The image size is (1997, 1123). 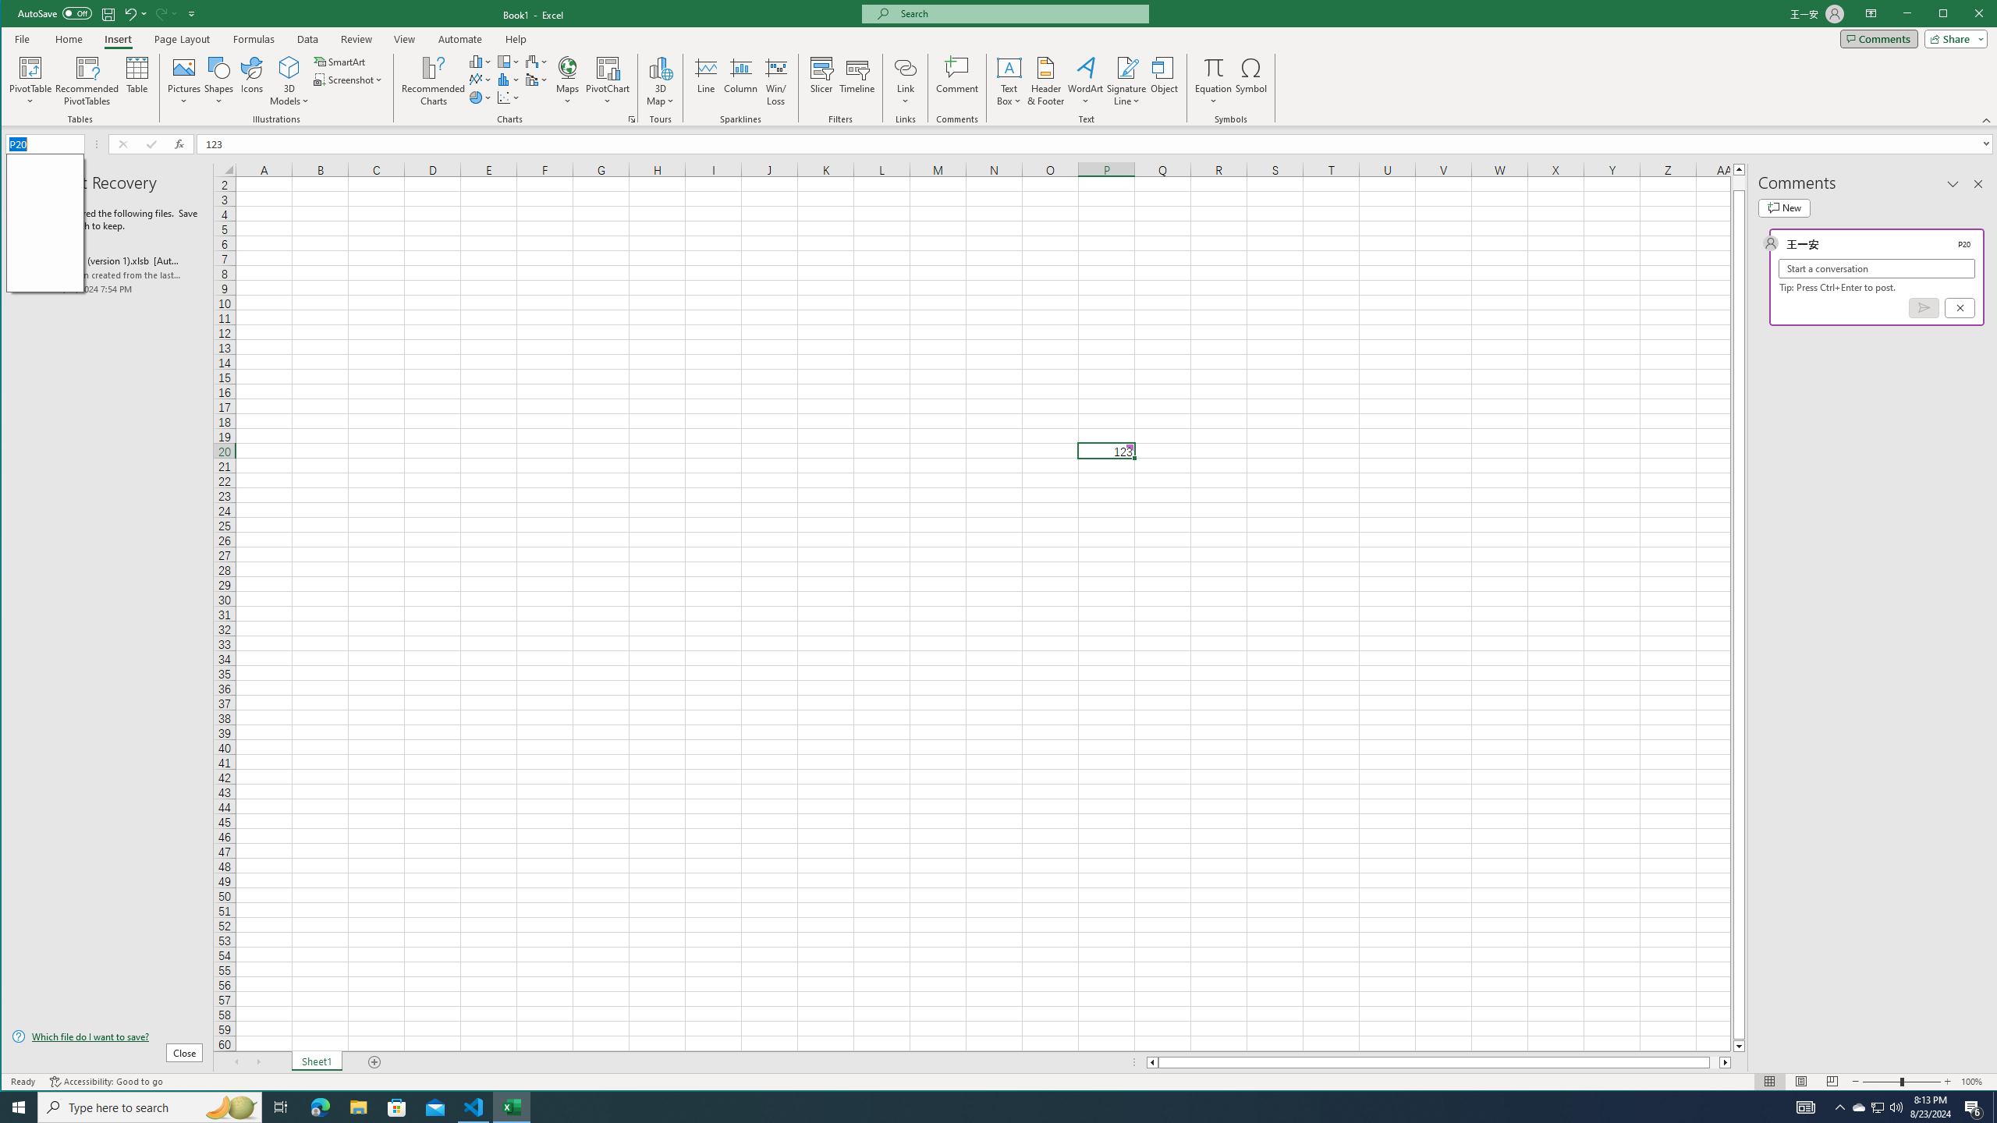 I want to click on 'Text Box', so click(x=1009, y=80).